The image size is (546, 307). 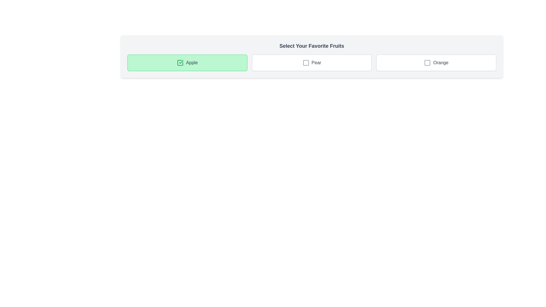 I want to click on the bold text header reading 'Select Your Favorite Fruits', which is displayed in a large font size and dark gray color, located at the top-center of a light gray rounded rectangle card, so click(x=311, y=46).